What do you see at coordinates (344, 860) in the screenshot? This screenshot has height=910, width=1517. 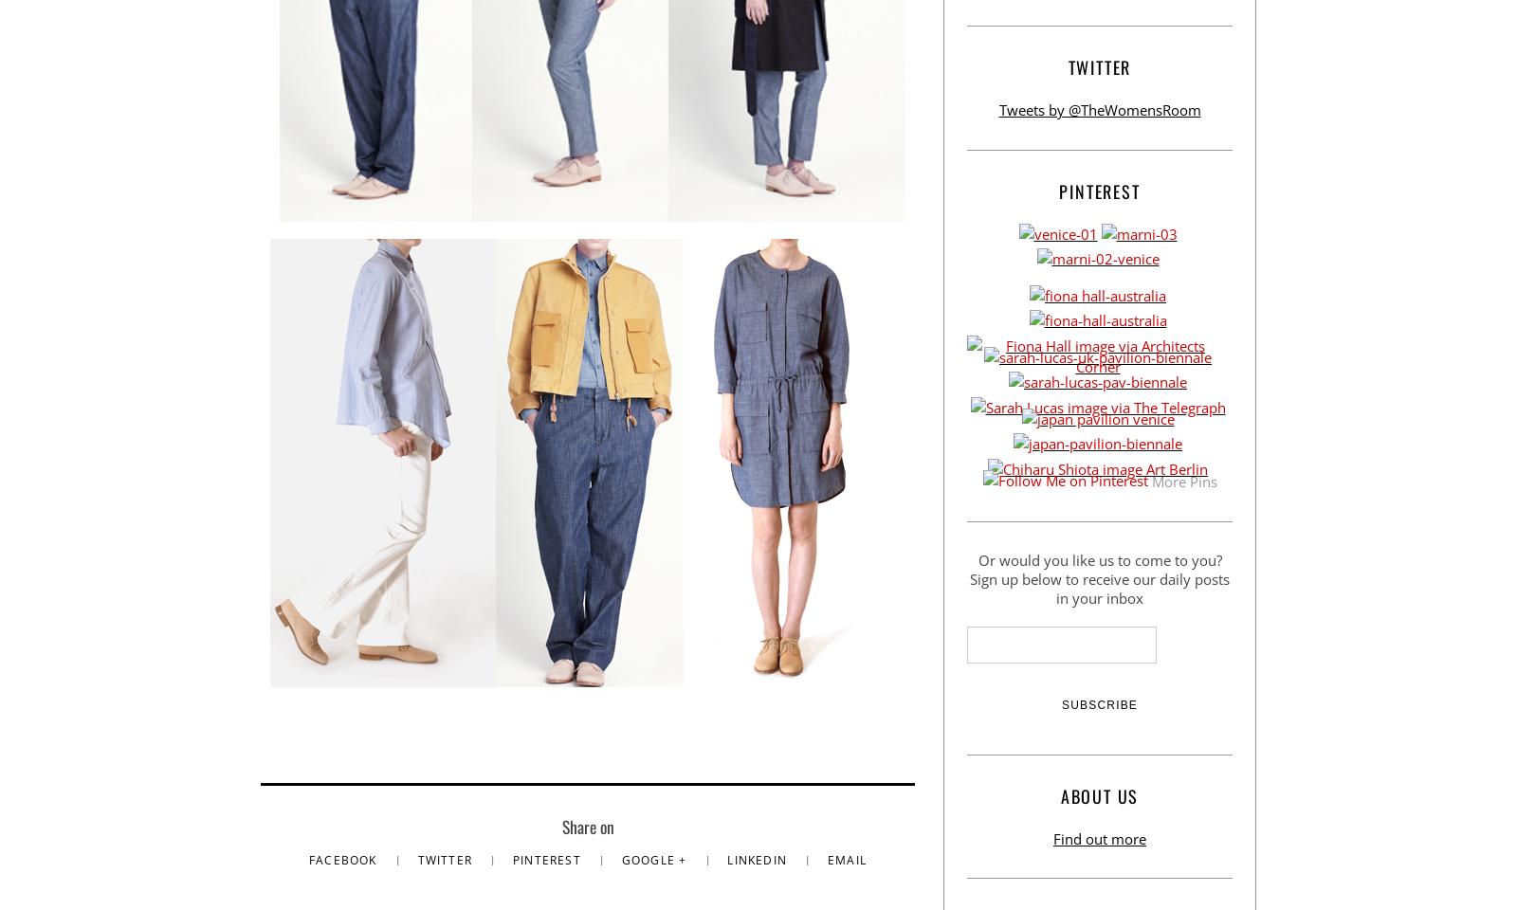 I see `'Facebook'` at bounding box center [344, 860].